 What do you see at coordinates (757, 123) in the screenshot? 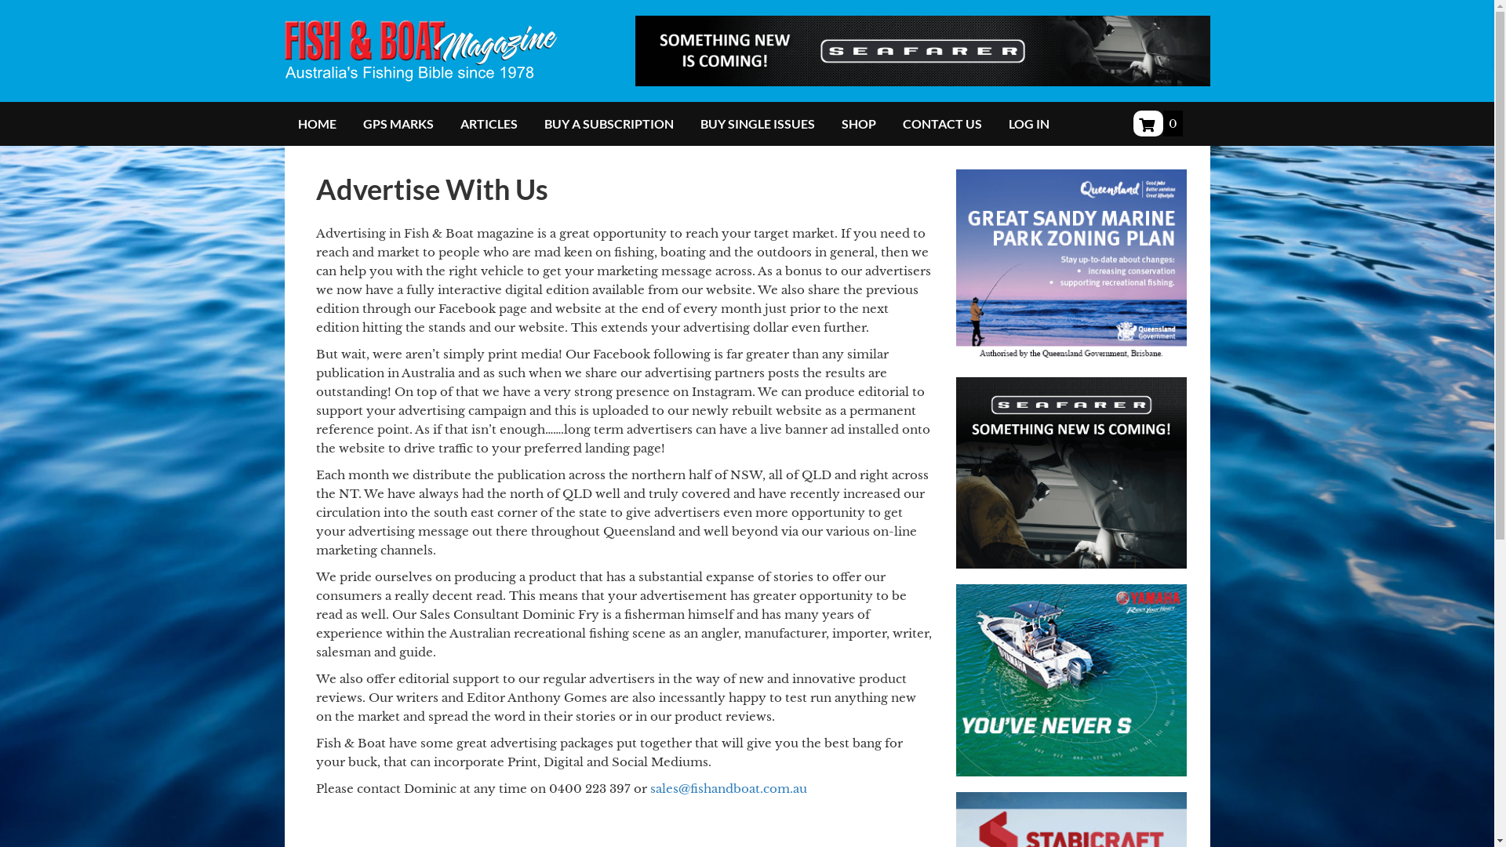
I see `'BUY SINGLE ISSUES'` at bounding box center [757, 123].